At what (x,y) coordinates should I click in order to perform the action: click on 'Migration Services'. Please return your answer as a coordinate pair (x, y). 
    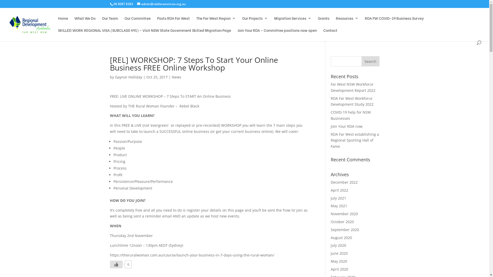
    Looking at the image, I should click on (293, 22).